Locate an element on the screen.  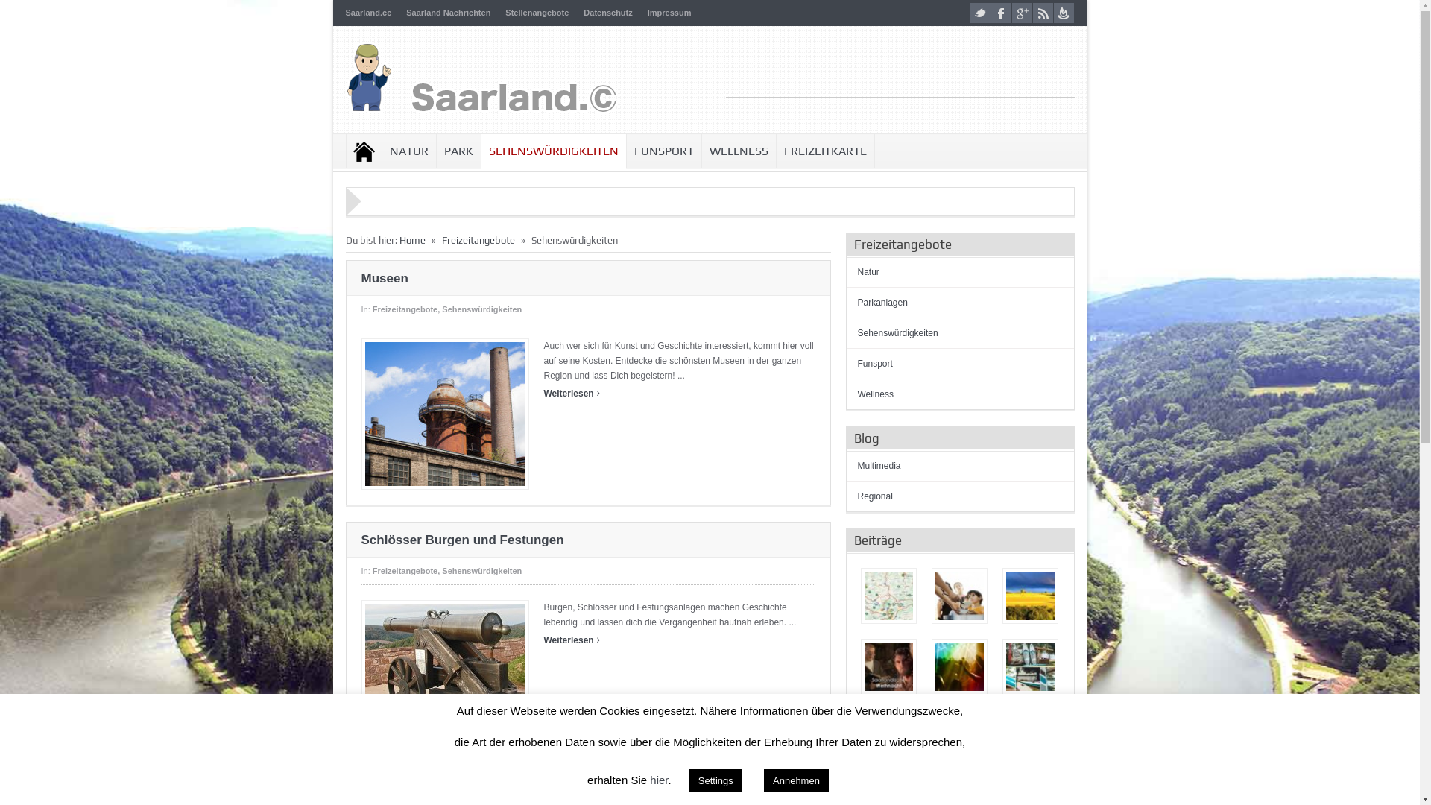
'FUNSPORT' is located at coordinates (662, 151).